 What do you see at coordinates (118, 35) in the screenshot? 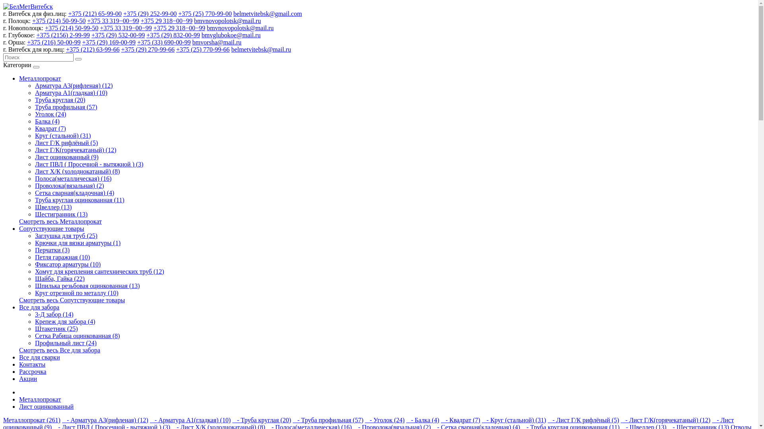
I see `'+375 (29) 532-00-99'` at bounding box center [118, 35].